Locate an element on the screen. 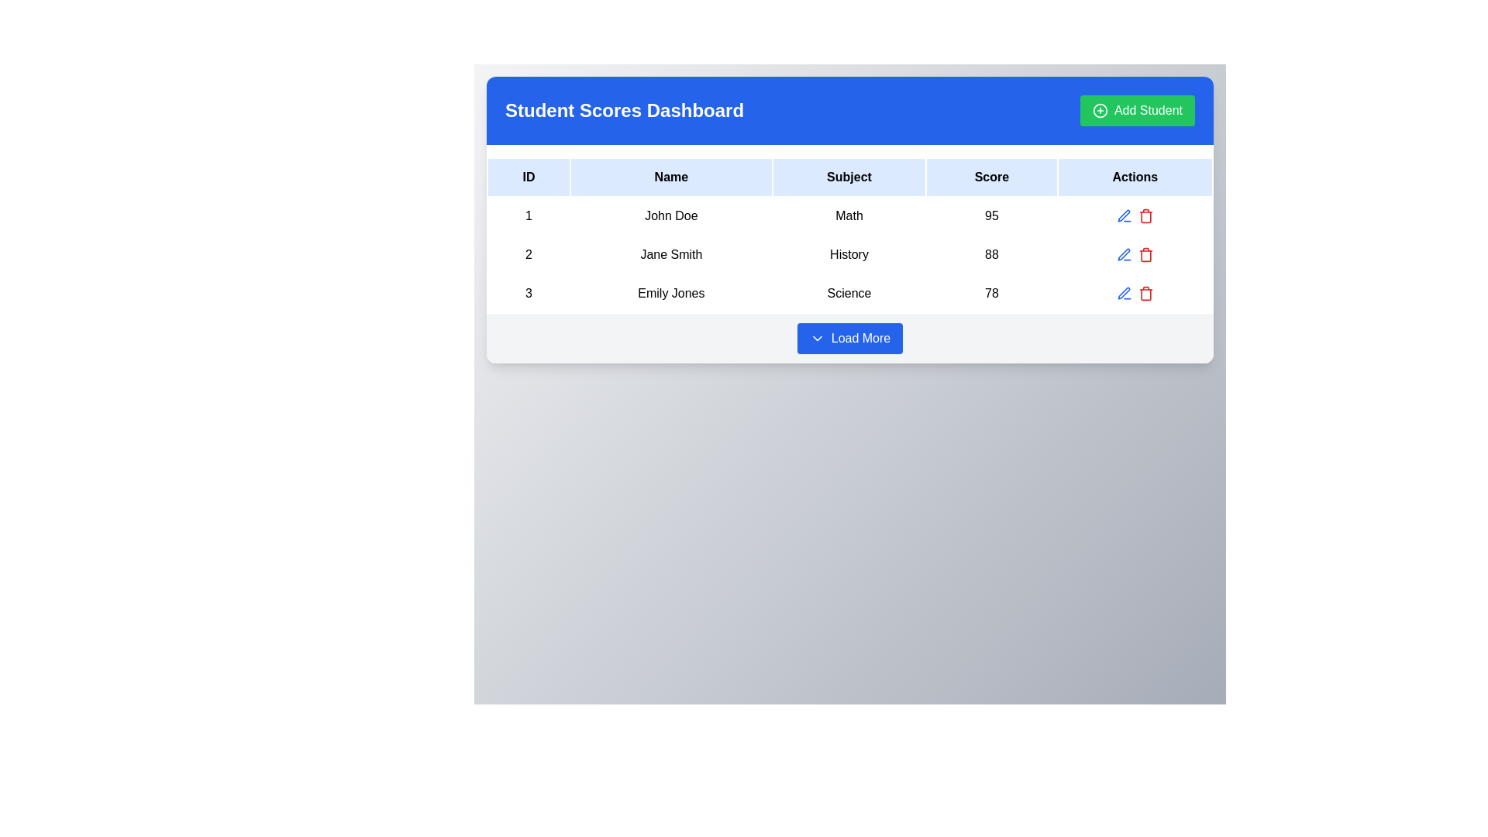 The width and height of the screenshot is (1488, 837). the text element displaying the subject associated with the student in the third row under the 'Subject' column of the data table is located at coordinates (849, 293).